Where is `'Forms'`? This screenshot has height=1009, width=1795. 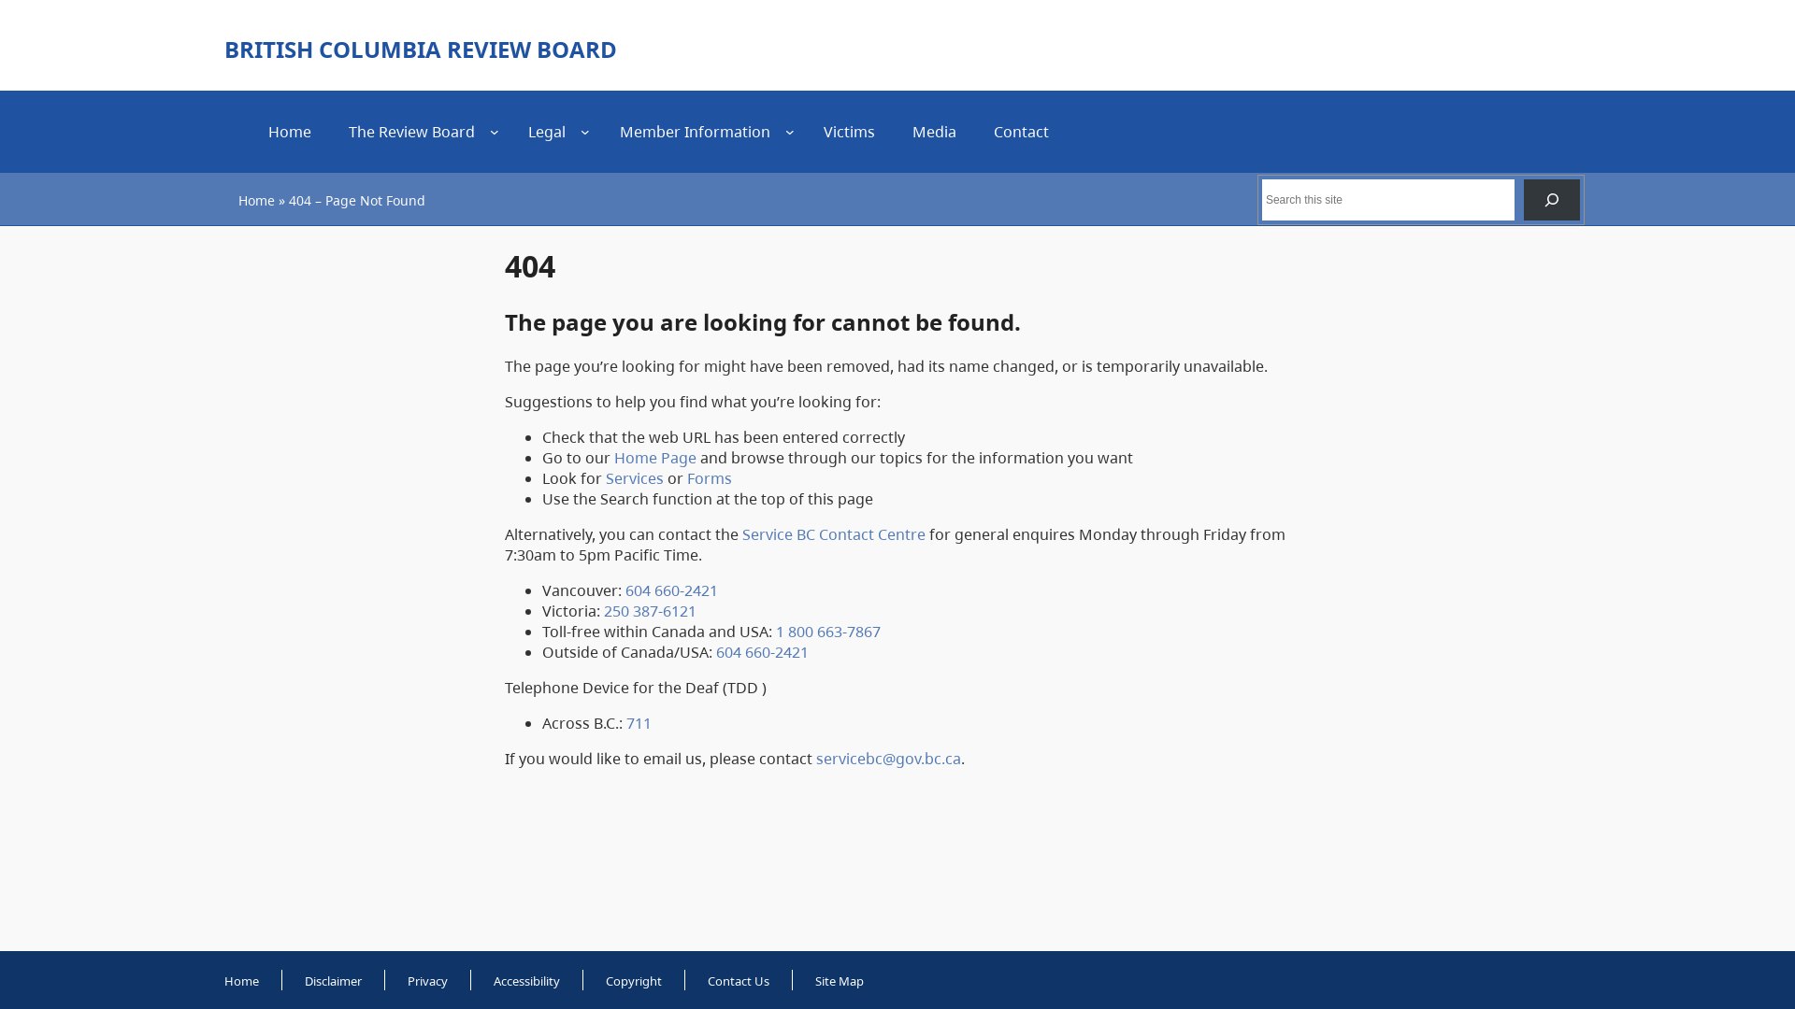
'Forms' is located at coordinates (708, 477).